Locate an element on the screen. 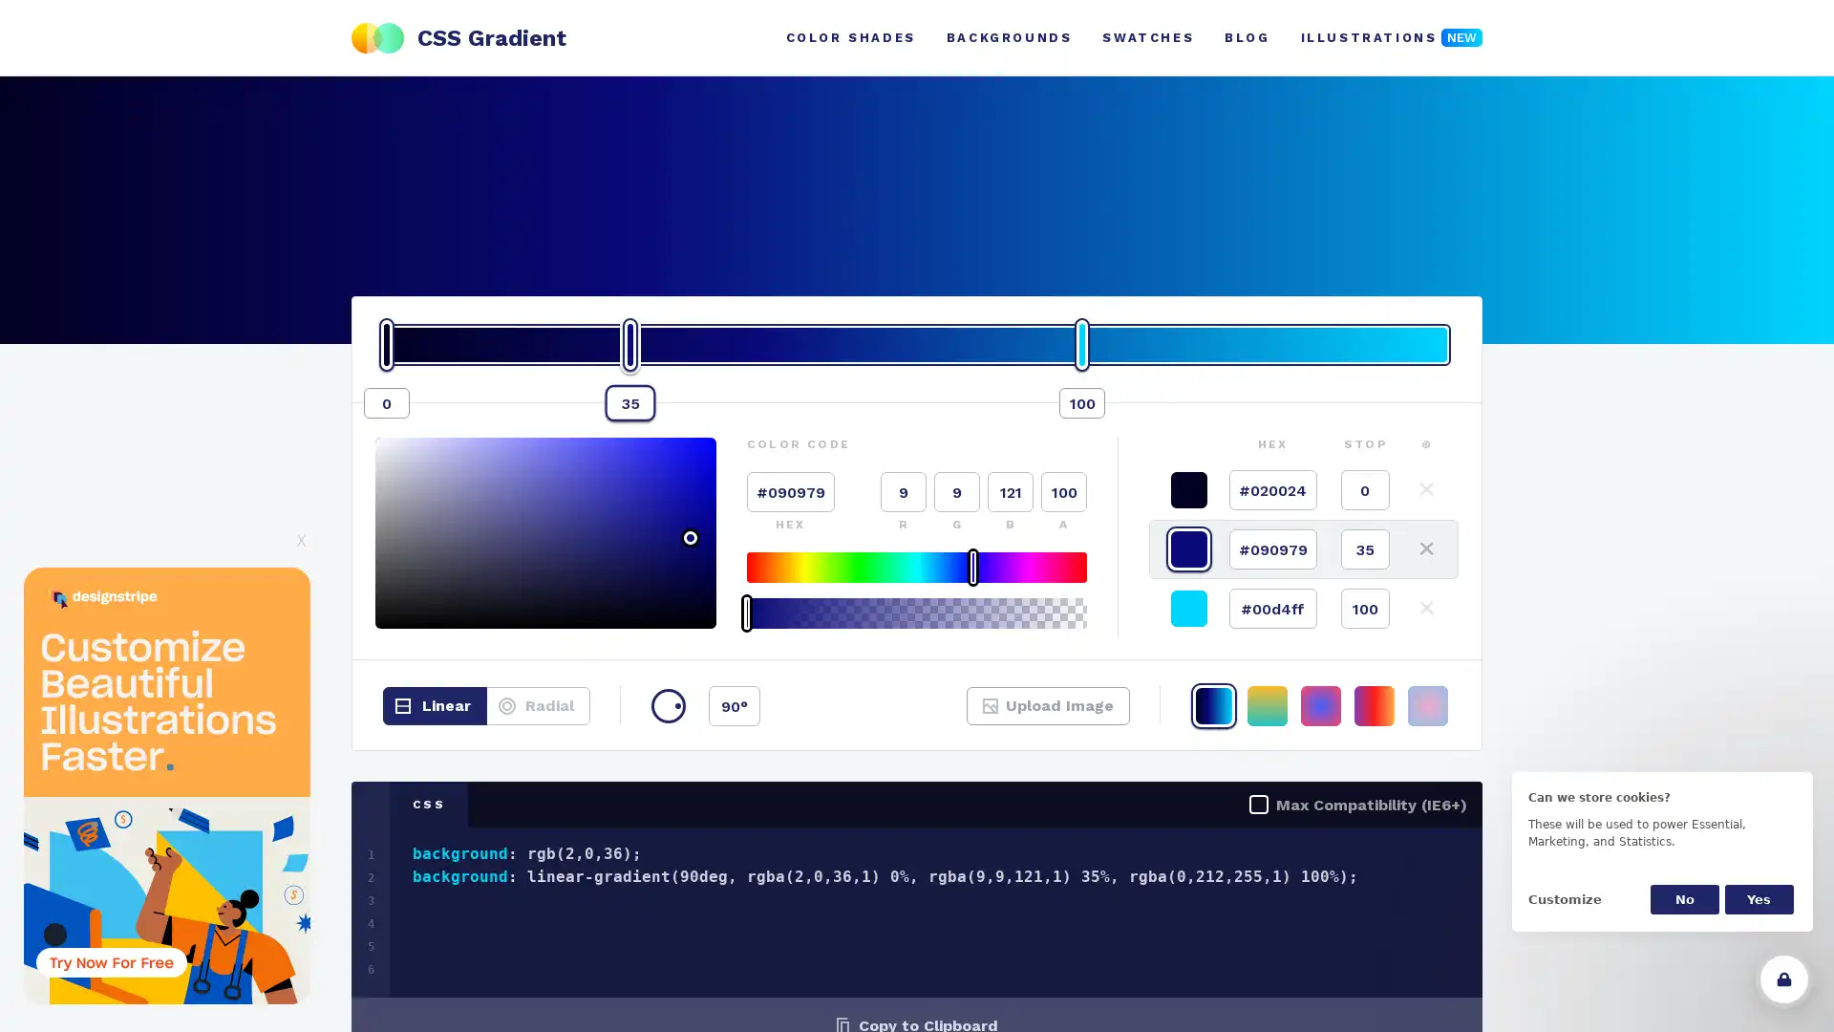 This screenshot has width=1834, height=1032. Linear is located at coordinates (434, 706).